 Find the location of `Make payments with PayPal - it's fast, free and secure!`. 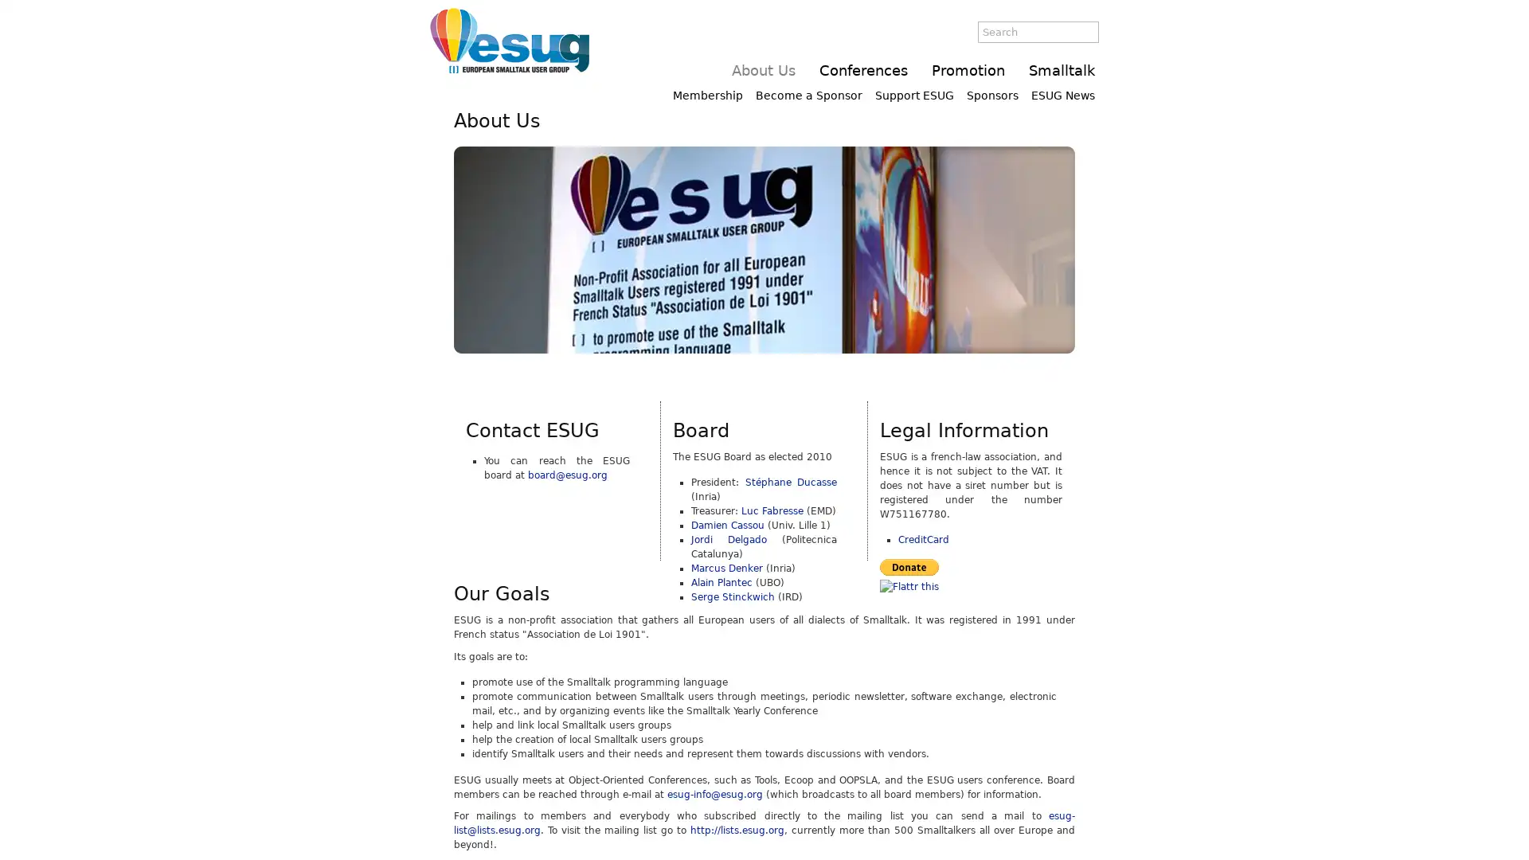

Make payments with PayPal - it's fast, free and secure! is located at coordinates (909, 565).